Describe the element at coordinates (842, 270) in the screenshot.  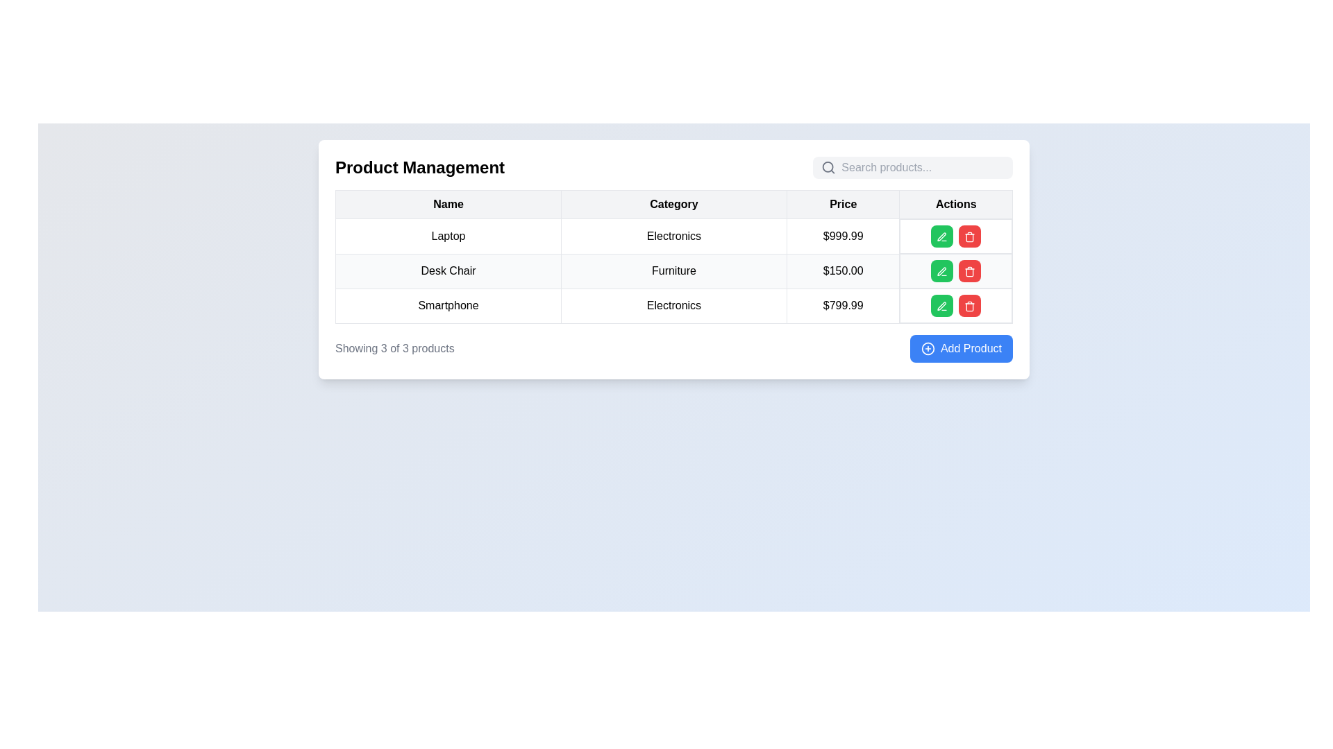
I see `the table cell displaying the price '$150.00' in the third column of the second row, under the 'Price' header` at that location.